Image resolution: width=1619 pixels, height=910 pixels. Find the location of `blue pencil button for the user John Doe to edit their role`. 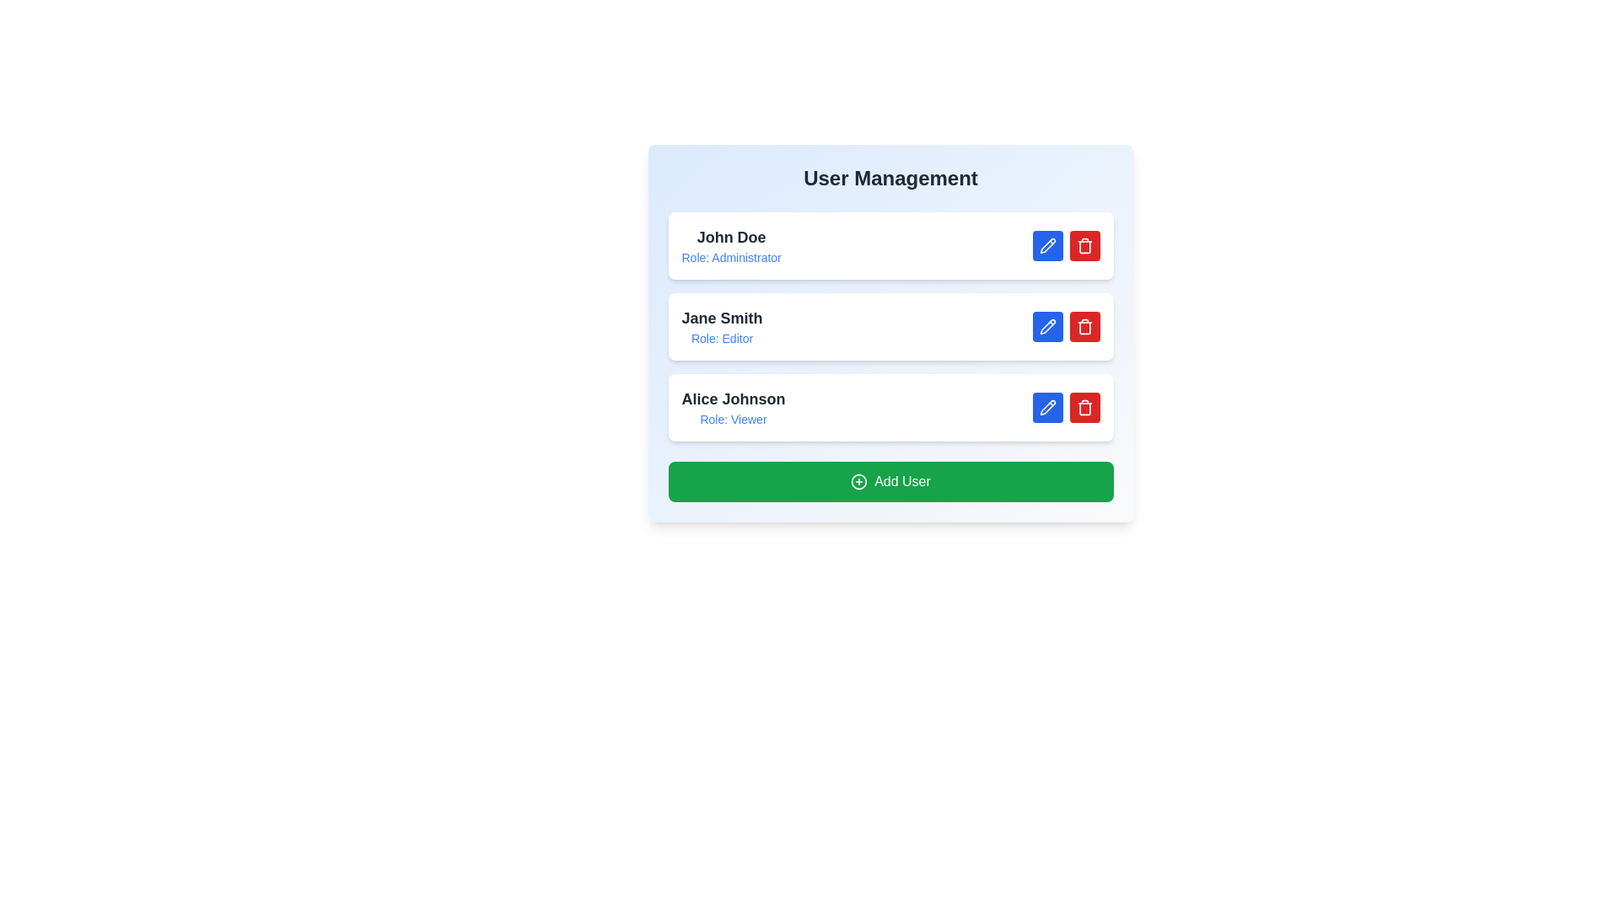

blue pencil button for the user John Doe to edit their role is located at coordinates (1046, 246).